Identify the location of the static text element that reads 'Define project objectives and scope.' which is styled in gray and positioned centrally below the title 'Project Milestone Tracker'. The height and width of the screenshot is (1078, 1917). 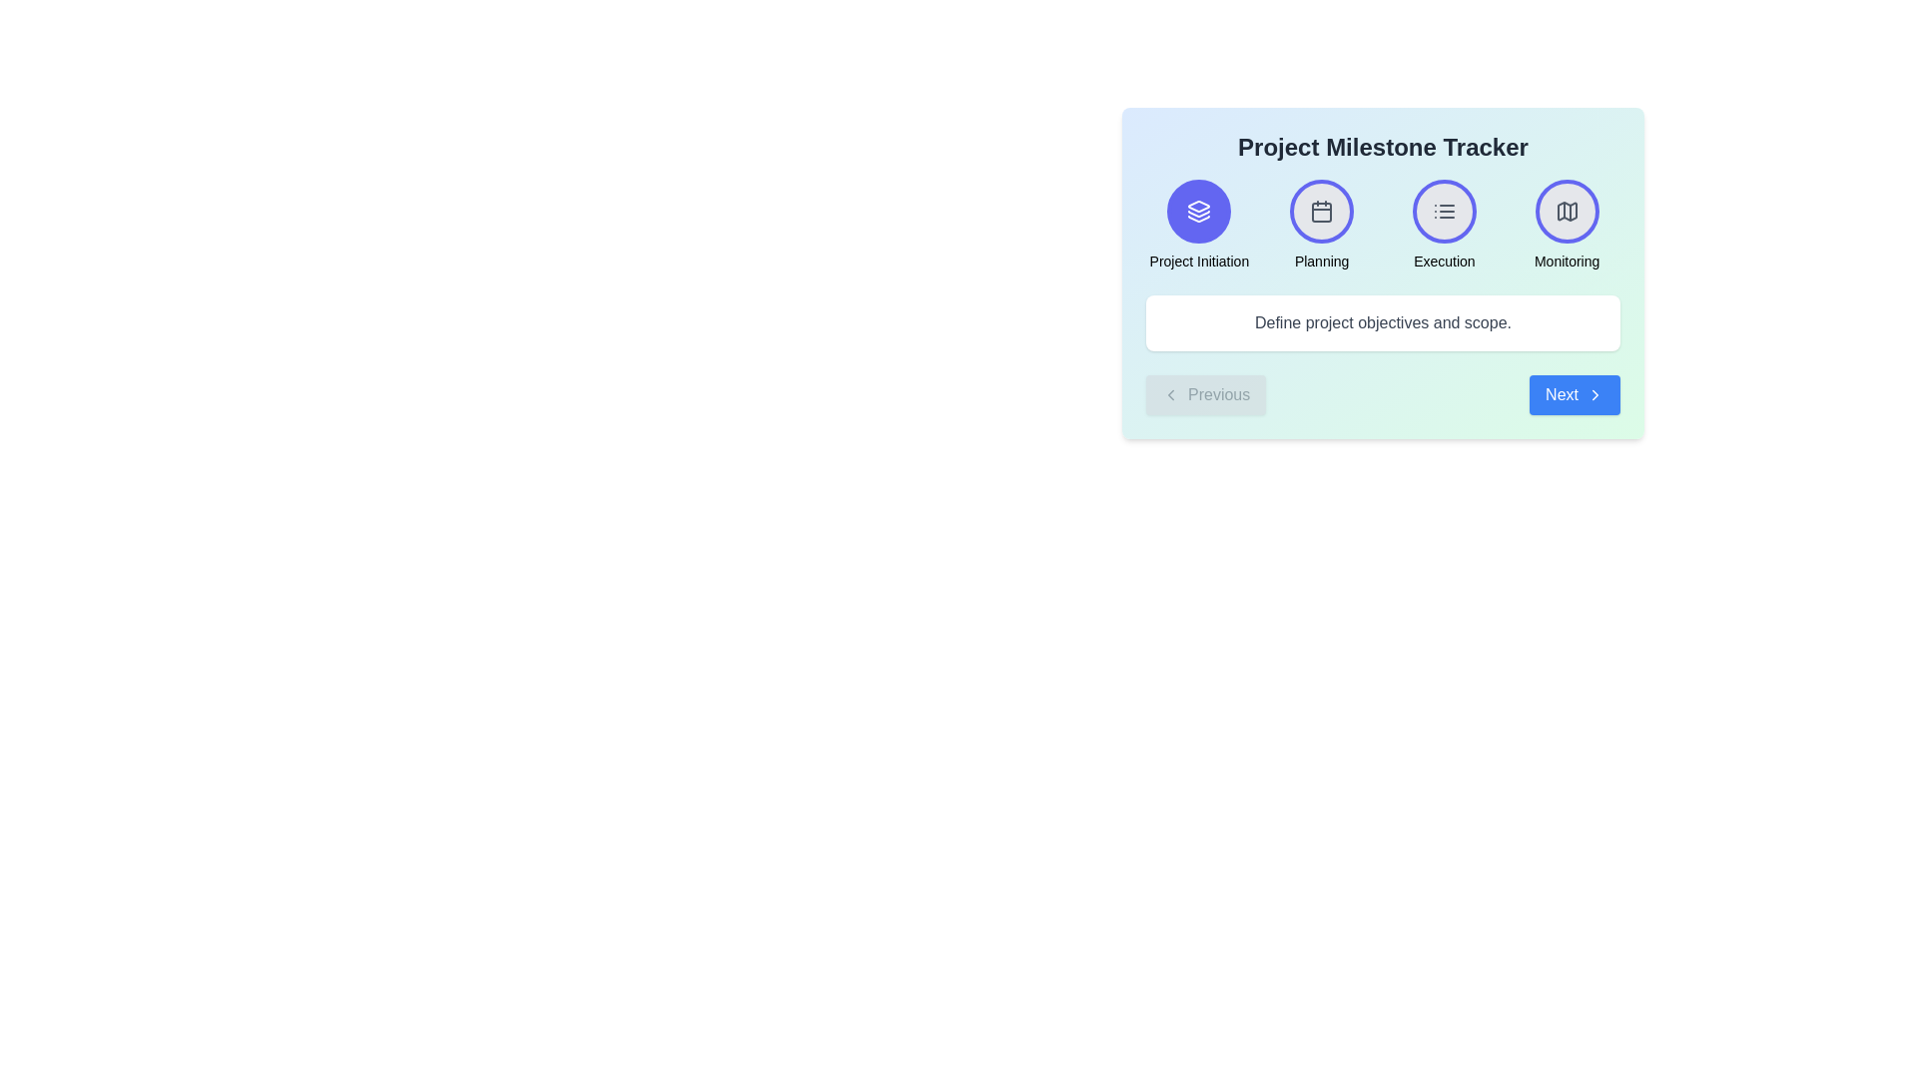
(1382, 322).